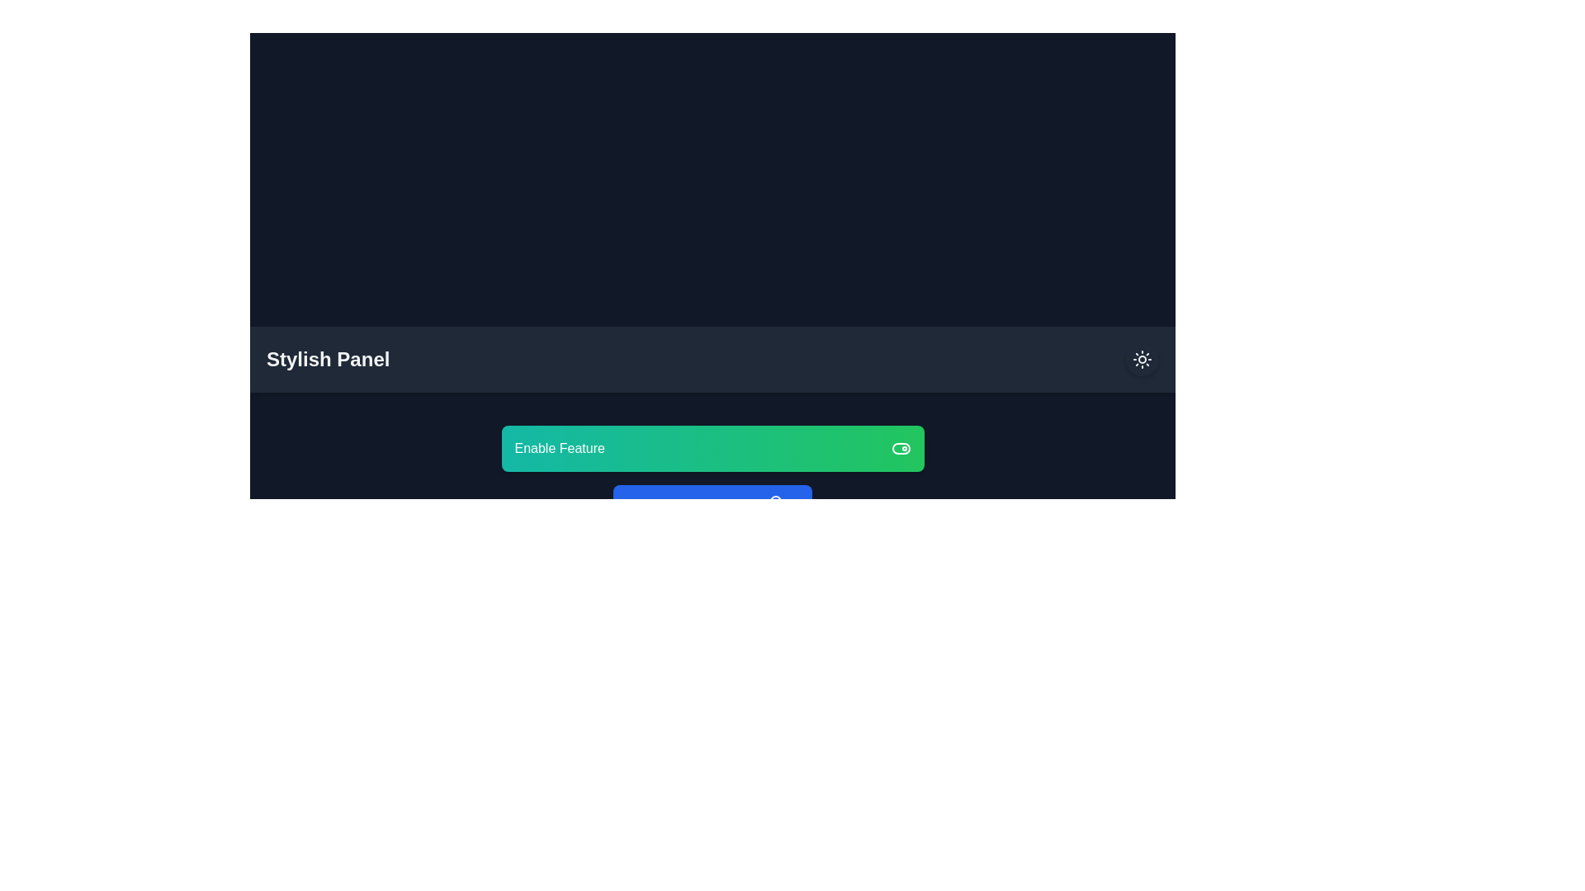 This screenshot has width=1585, height=891. What do you see at coordinates (775, 504) in the screenshot?
I see `the notification bell icon, which is a minimalistic outline icon located next to the 'Disable Notifications' button` at bounding box center [775, 504].